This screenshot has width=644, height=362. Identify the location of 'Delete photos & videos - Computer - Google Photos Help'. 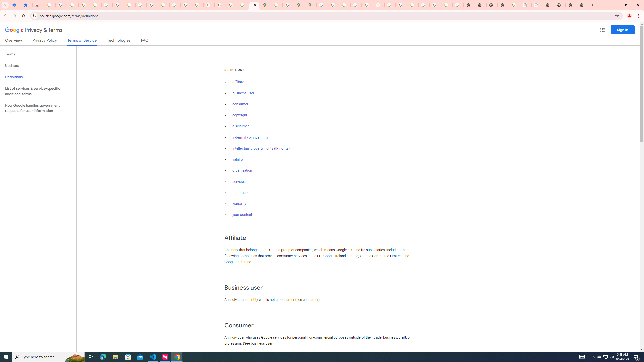
(73, 5).